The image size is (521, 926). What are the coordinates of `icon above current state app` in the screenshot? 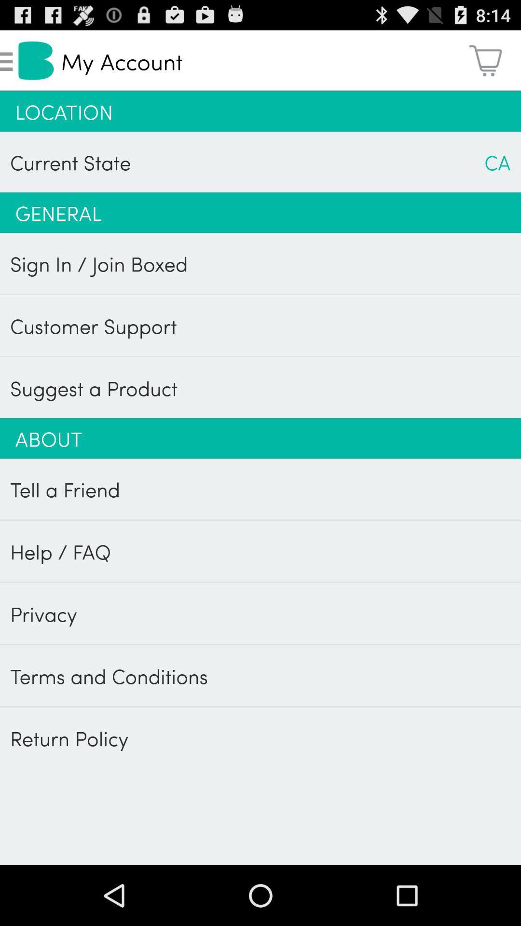 It's located at (260, 111).